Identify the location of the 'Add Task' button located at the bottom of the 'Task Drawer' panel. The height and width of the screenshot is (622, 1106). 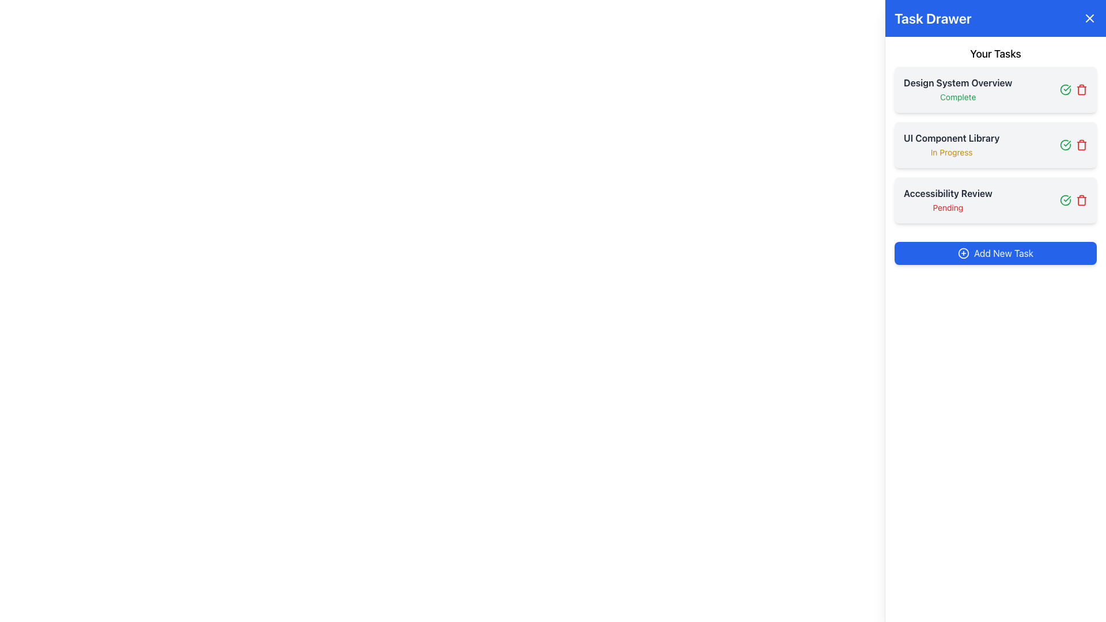
(995, 252).